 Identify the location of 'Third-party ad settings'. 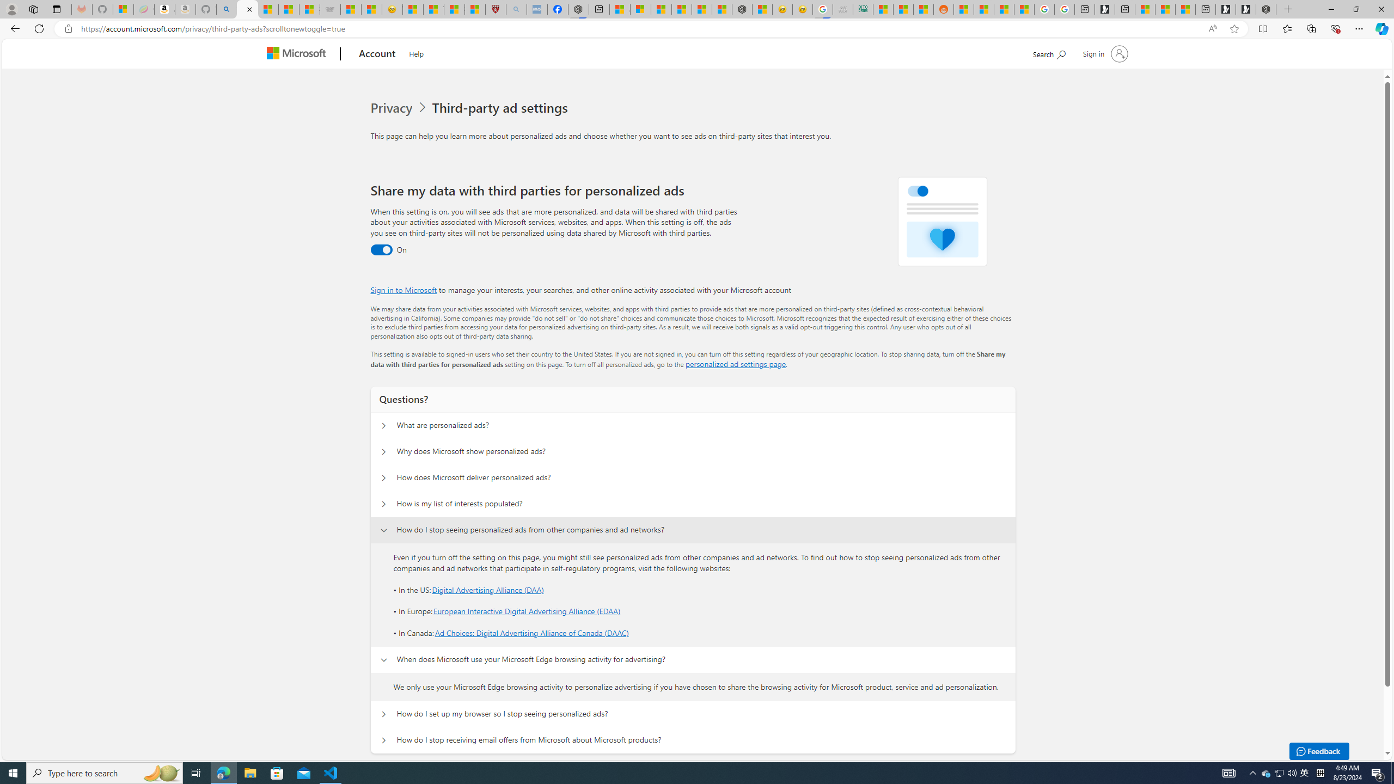
(502, 108).